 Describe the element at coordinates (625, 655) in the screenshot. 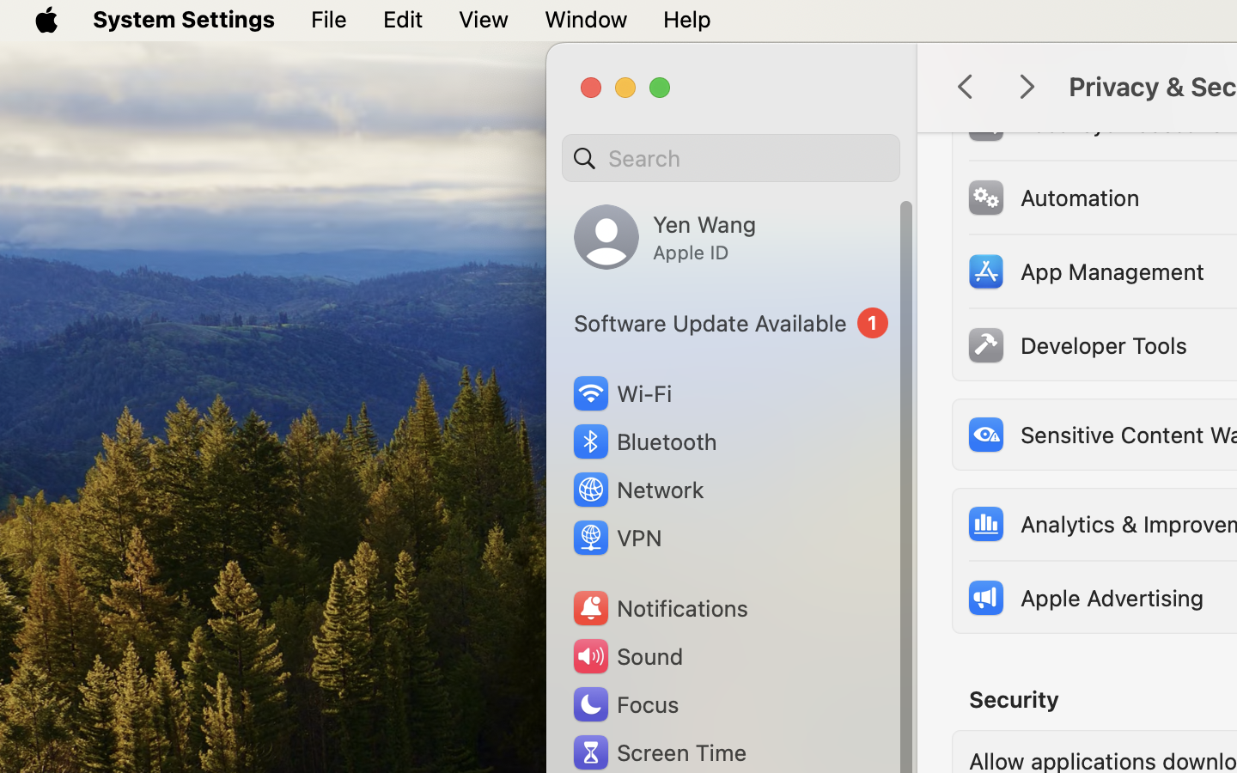

I see `'Sound'` at that location.